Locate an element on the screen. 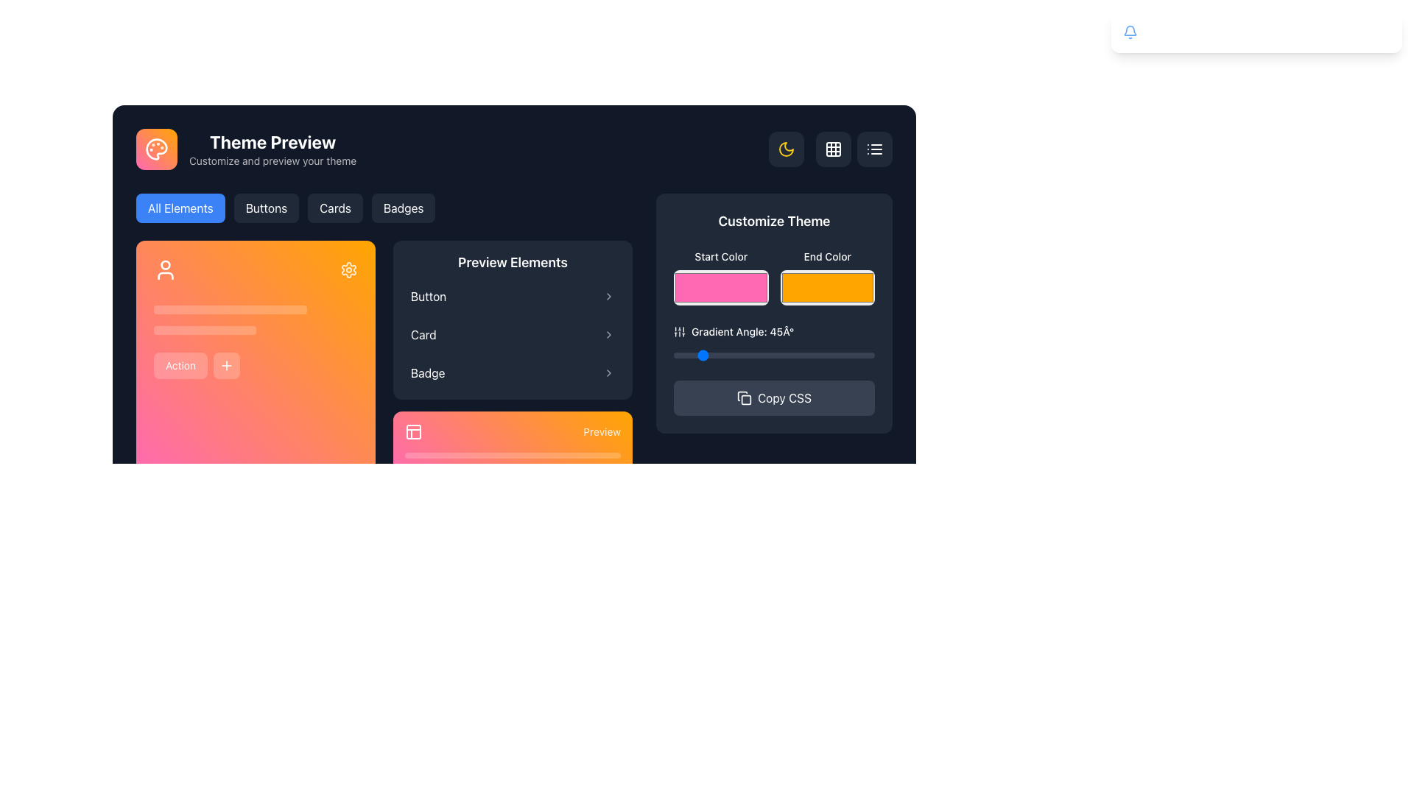 Image resolution: width=1414 pixels, height=795 pixels. the rounded button with a yellow moon-shaped icon in the top-right corner of the interface is located at coordinates (786, 149).